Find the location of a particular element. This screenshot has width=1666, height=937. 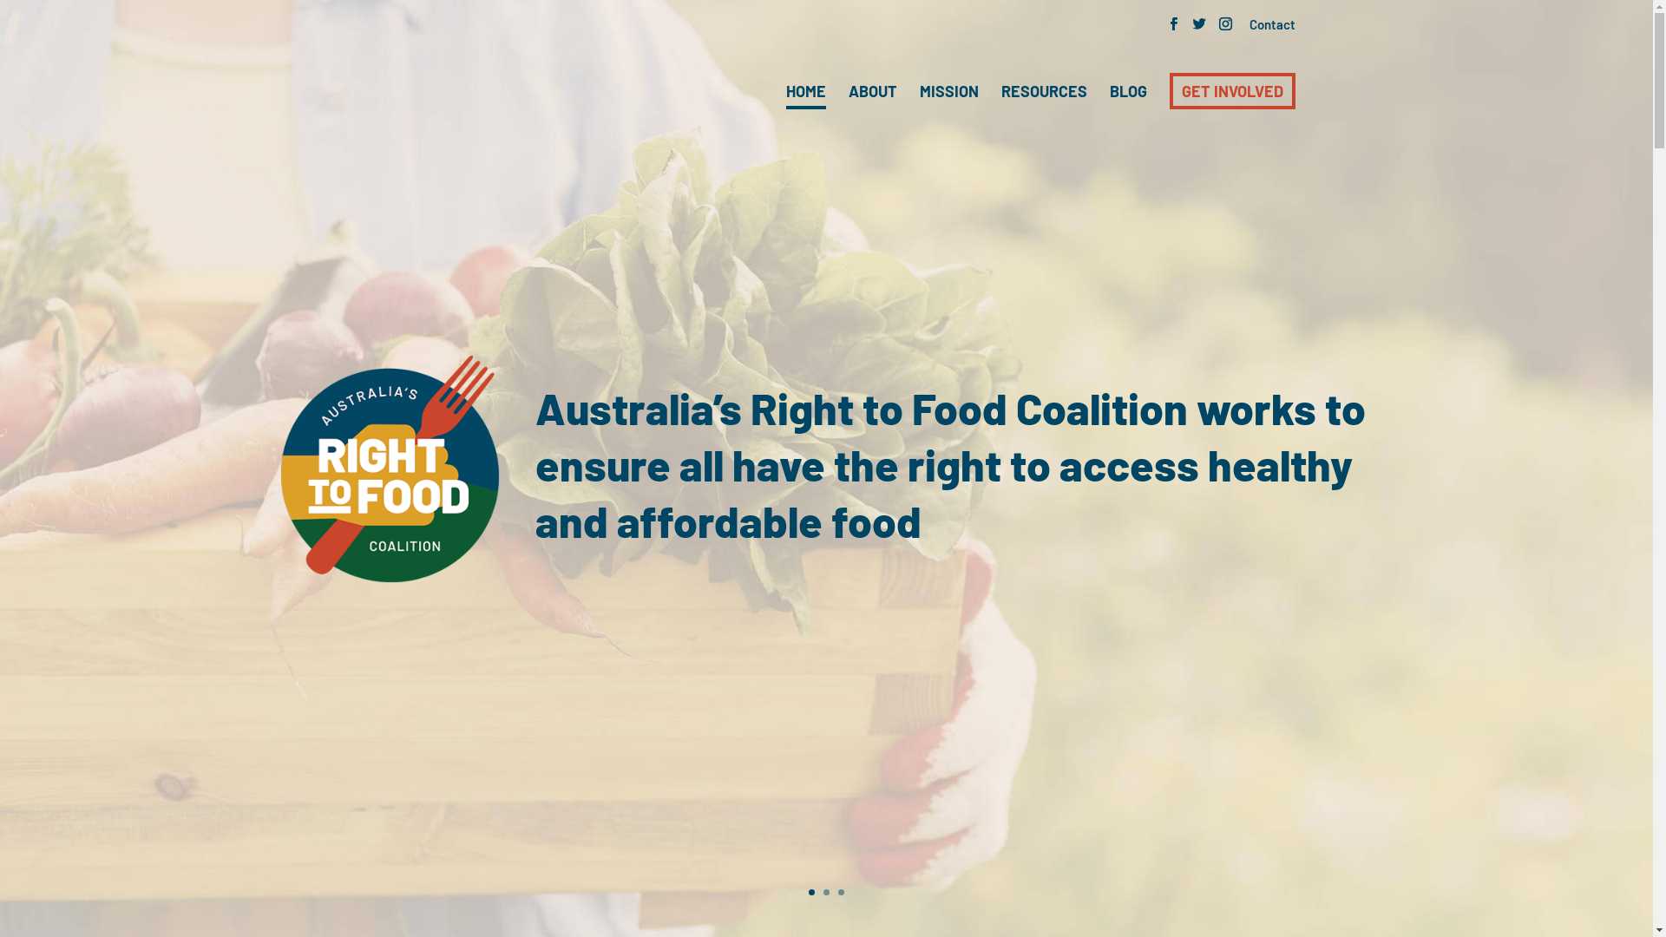

'2' is located at coordinates (825, 892).